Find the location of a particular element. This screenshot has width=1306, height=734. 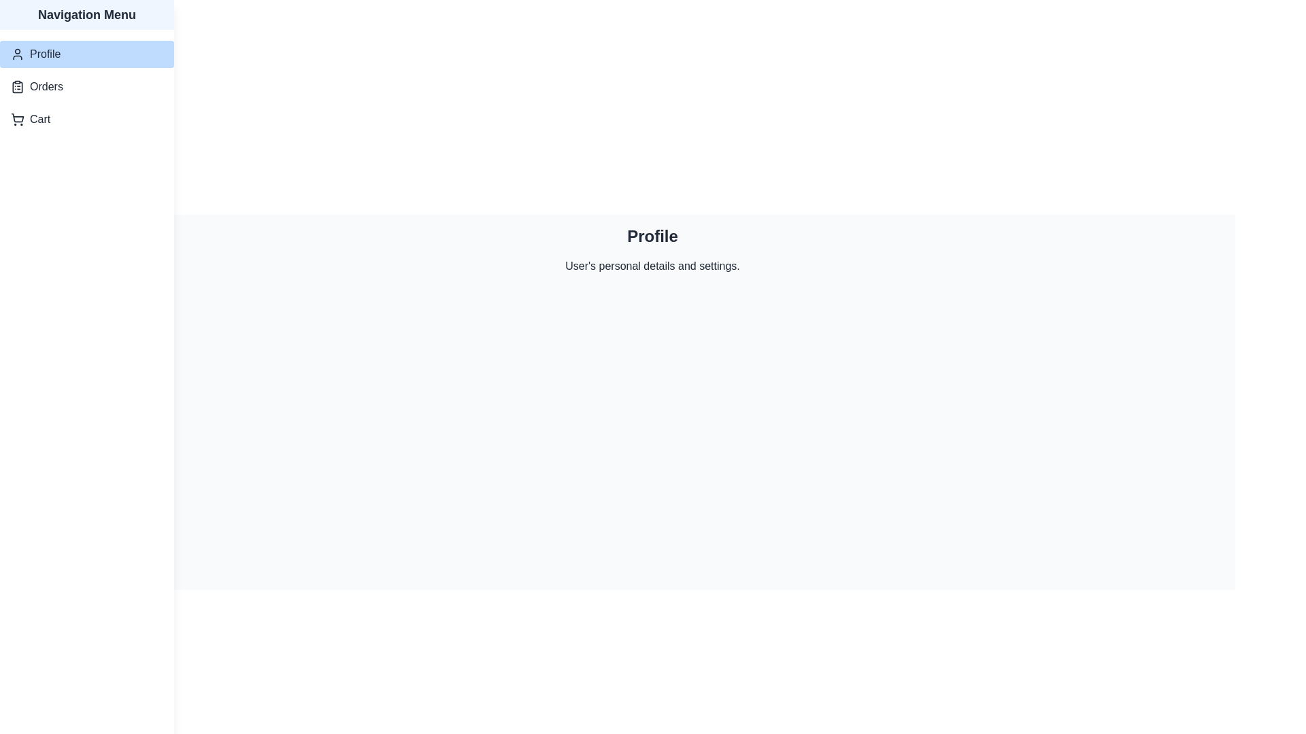

the user profile icon located at the top-left section of the navigation menu, which visually indicates the profile-related menu item is located at coordinates (17, 54).